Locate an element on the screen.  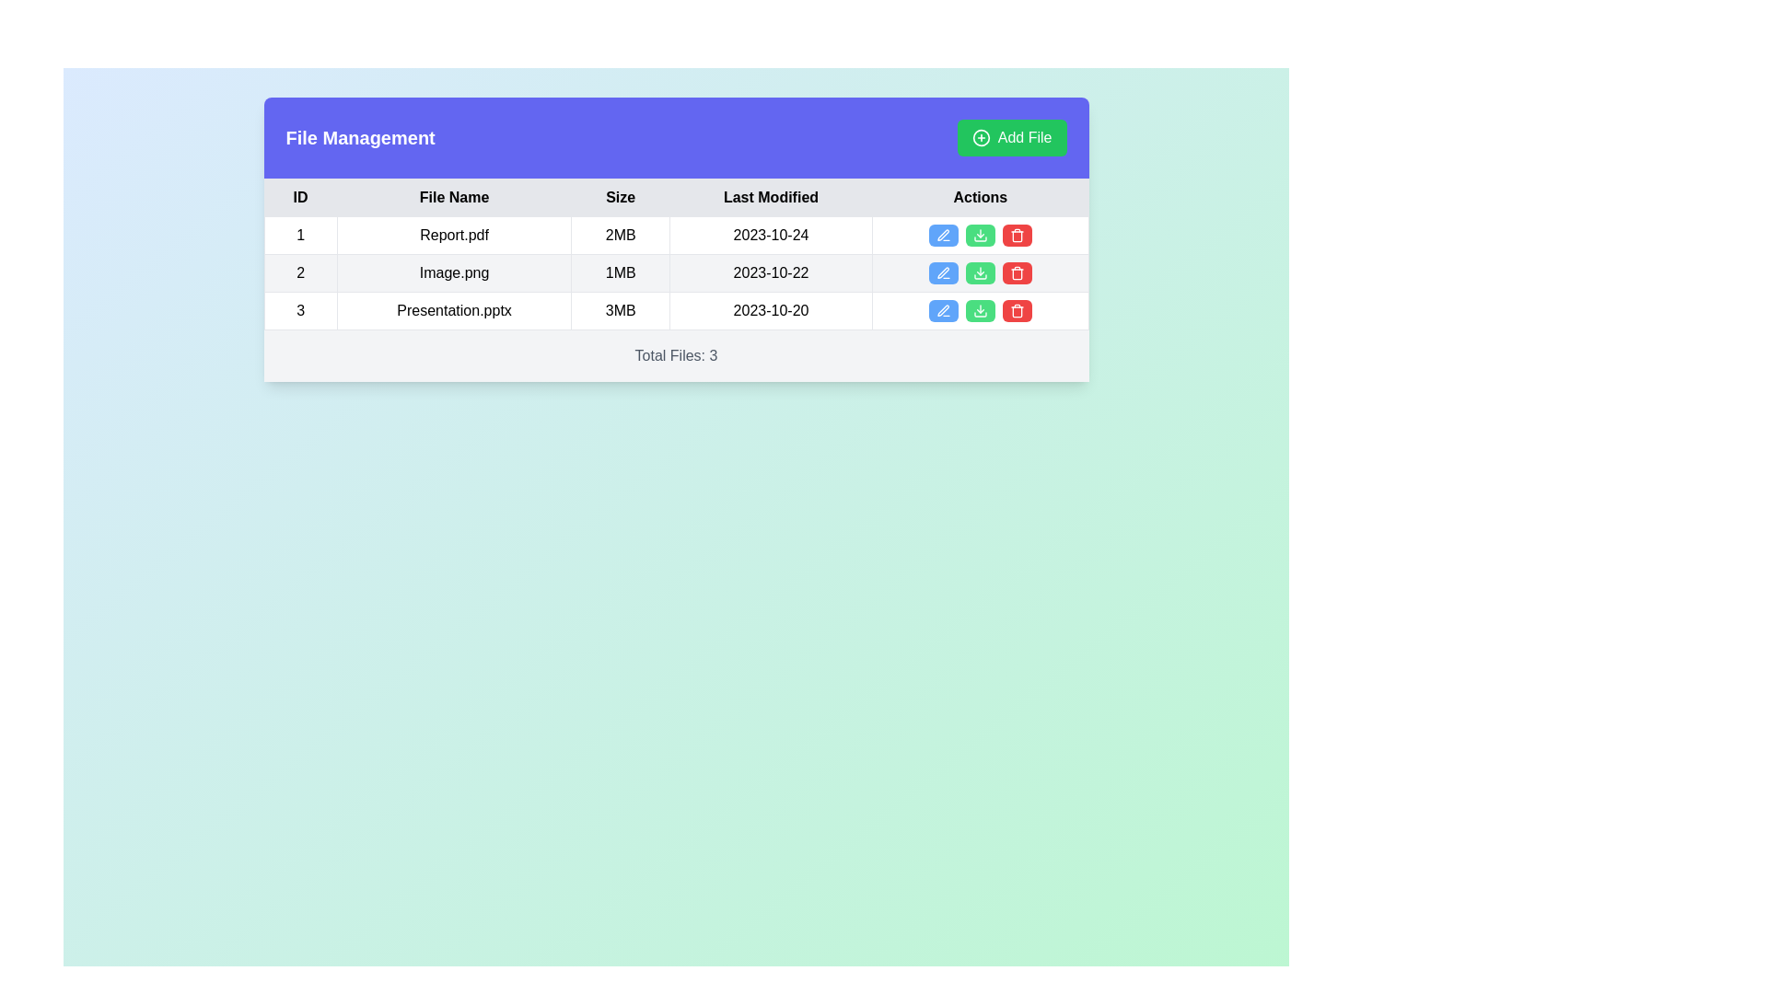
the table cell containing the numerical content in the first column of the last row under the 'ID' column header is located at coordinates (300, 310).